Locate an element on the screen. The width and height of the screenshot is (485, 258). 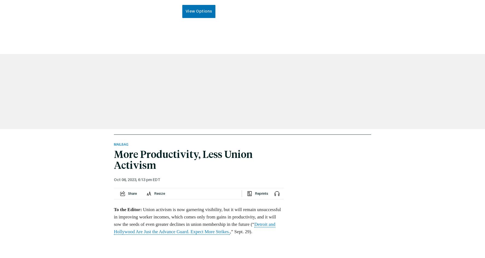
'Oct 06, 2023, 6:13 pm EDT' is located at coordinates (137, 179).